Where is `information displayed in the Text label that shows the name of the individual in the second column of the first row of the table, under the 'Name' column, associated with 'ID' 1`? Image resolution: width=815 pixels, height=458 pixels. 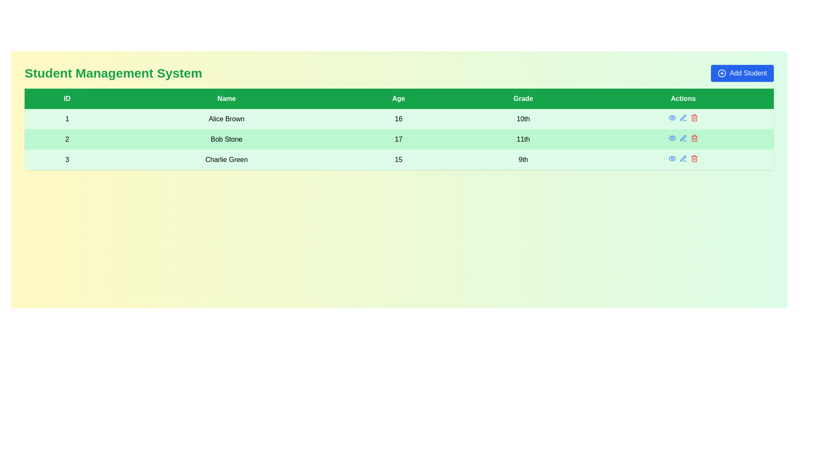 information displayed in the Text label that shows the name of the individual in the second column of the first row of the table, under the 'Name' column, associated with 'ID' 1 is located at coordinates (226, 119).